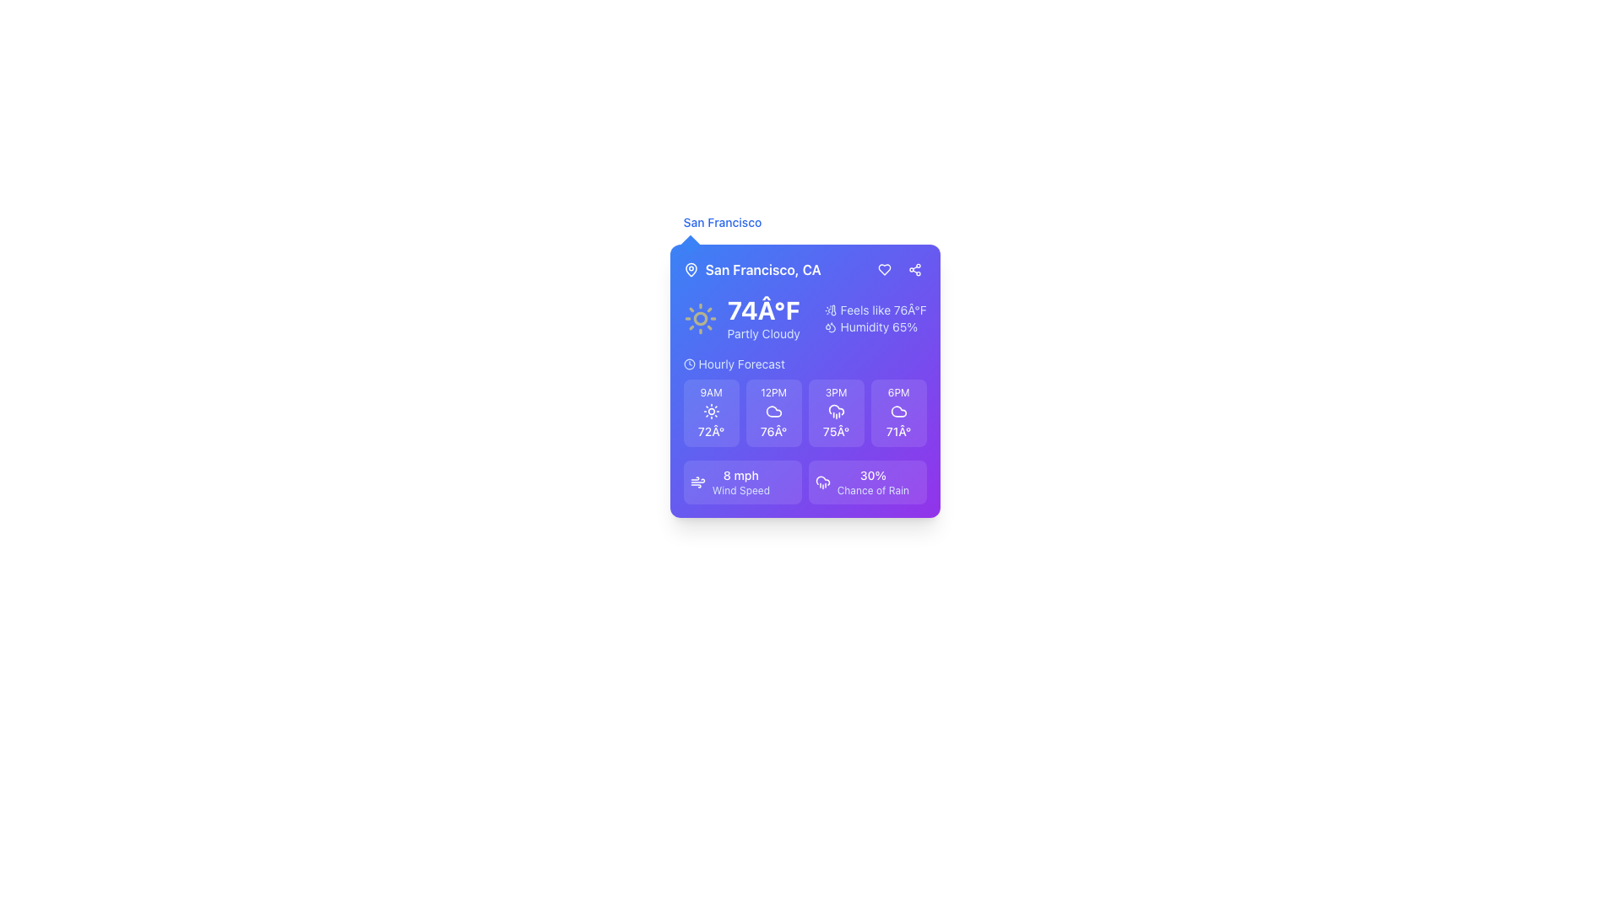 The width and height of the screenshot is (1621, 911). I want to click on the Text Label that describes the associated numeric value '30%', which provides context for the probability of rain in the bottom-right corner of the interface, so click(873, 491).